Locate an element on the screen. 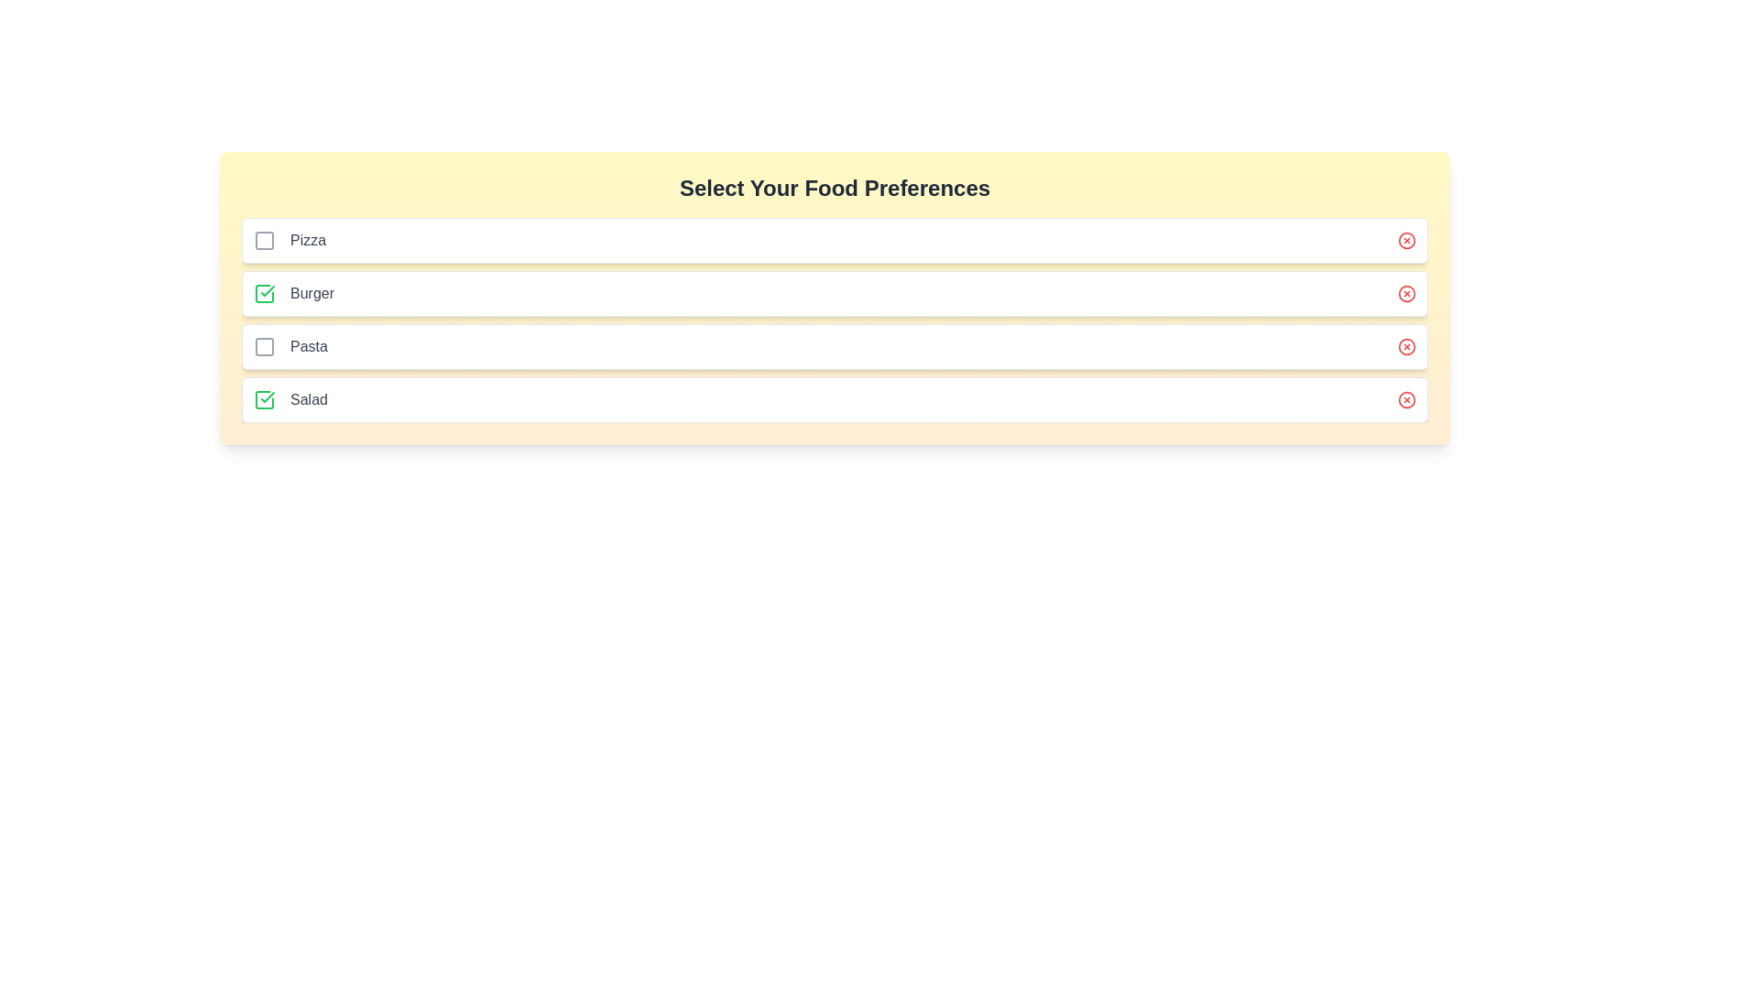 The image size is (1759, 989). the circular icon button located in the top-right corner of the row labeled 'Pizza' is located at coordinates (1406, 239).